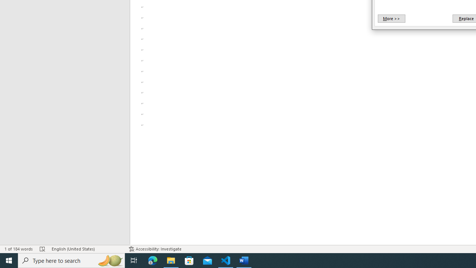  I want to click on 'Task View', so click(134, 260).